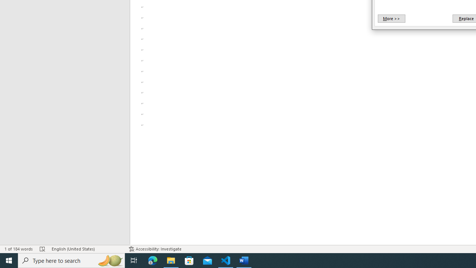  I want to click on 'Task View', so click(134, 260).